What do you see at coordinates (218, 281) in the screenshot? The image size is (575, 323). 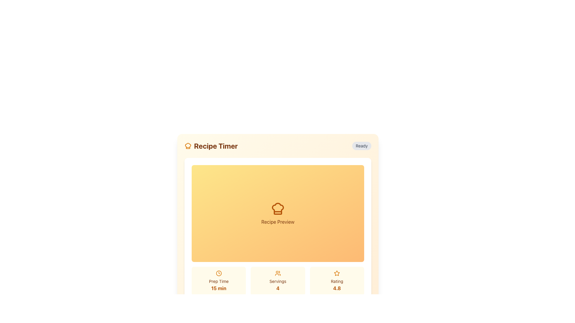 I see `the informational label displaying 'Prep Time' with the clock icon and '15 min' text, which is the leftmost element in the grid below the 'Recipe Preview' section` at bounding box center [218, 281].